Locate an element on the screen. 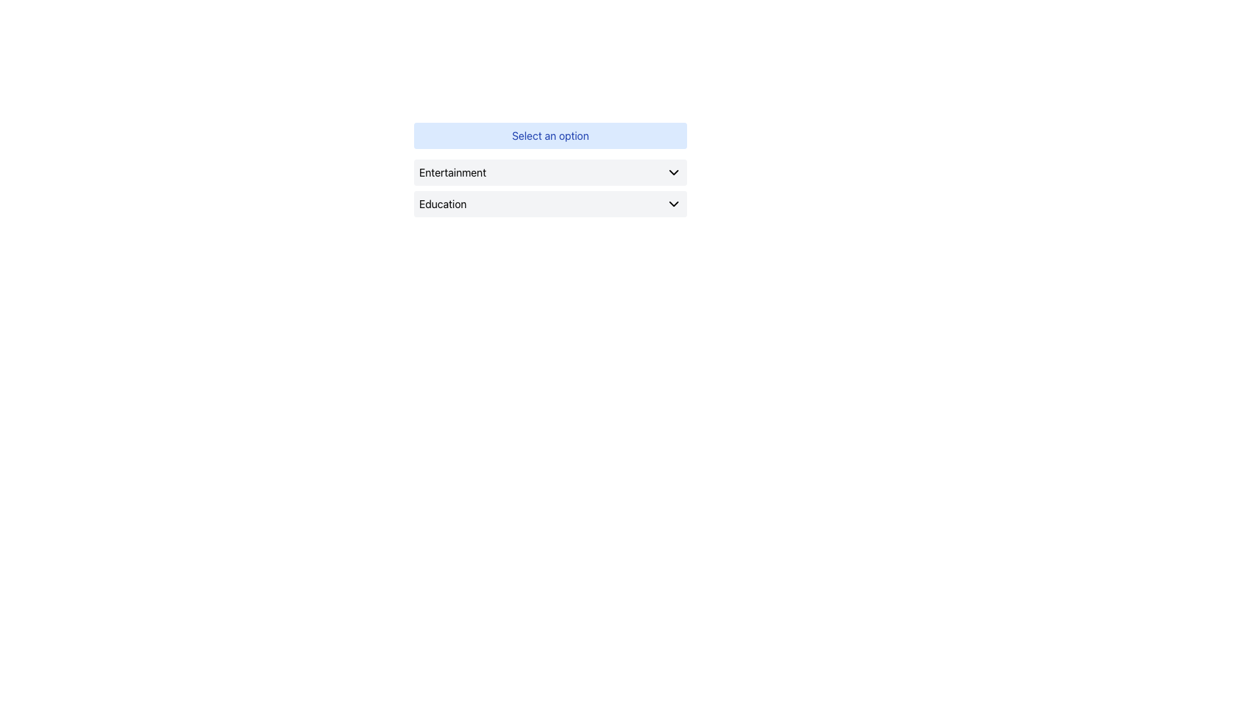  the downwards-pointing chevron icon located on the right side of the 'Education' row is located at coordinates (674, 204).